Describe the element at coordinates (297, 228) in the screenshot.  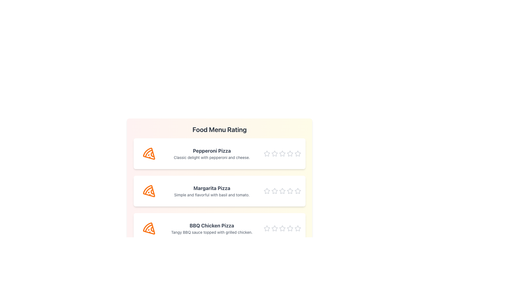
I see `the fifth star-shaped icon to rate maximum for BBQ Chicken Pizza` at that location.